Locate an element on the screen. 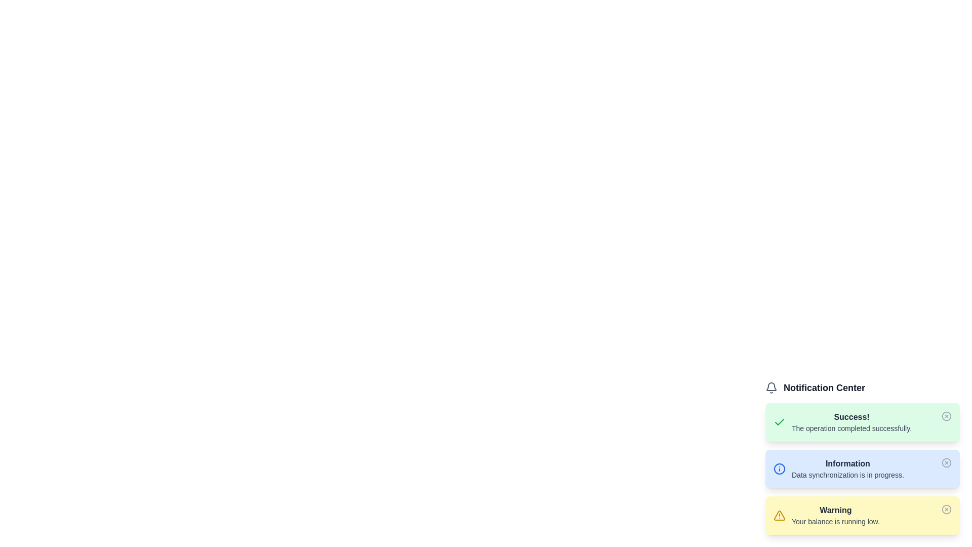 The height and width of the screenshot is (547, 972). the text label that displays the notification message 'Success! The operation completed successfully.' which is styled with a bold dark gray title and a lighter gray subtitle, located in the Notification Center within the green notification card is located at coordinates (851, 422).